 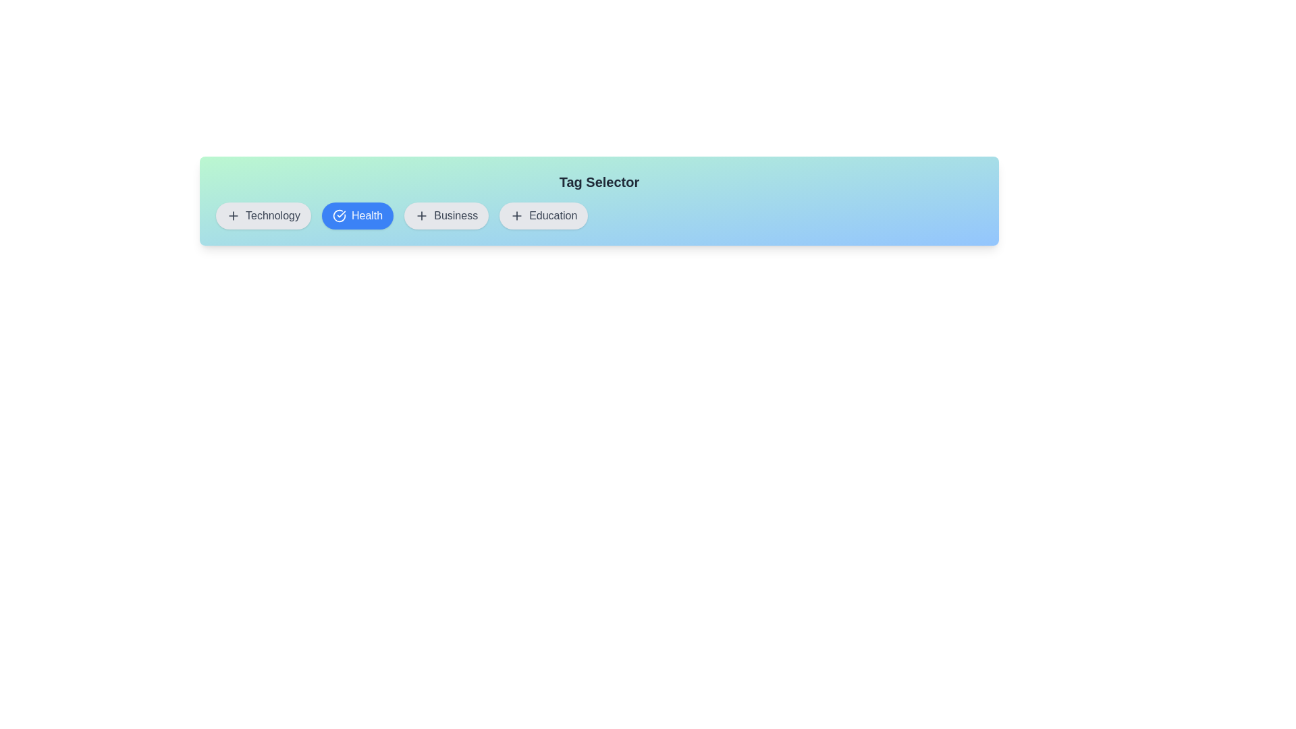 What do you see at coordinates (263, 215) in the screenshot?
I see `the button labeled Technology` at bounding box center [263, 215].